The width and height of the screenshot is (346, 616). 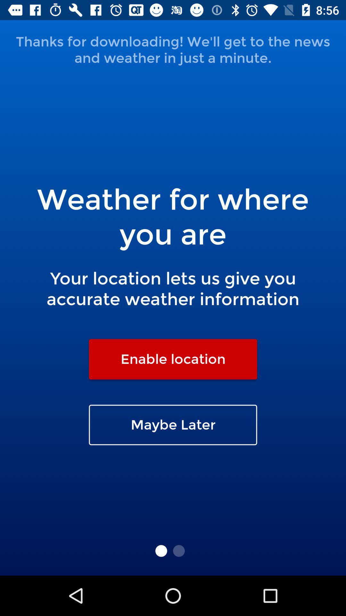 What do you see at coordinates (173, 359) in the screenshot?
I see `the enable location item` at bounding box center [173, 359].